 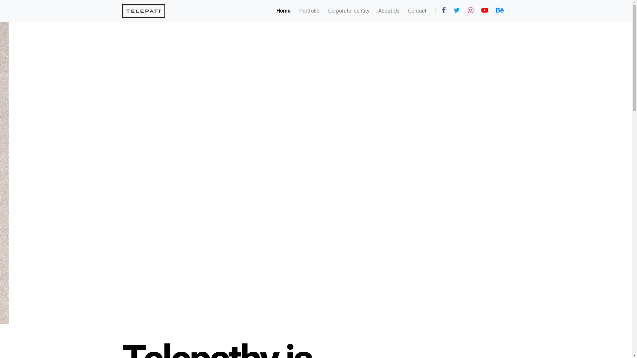 What do you see at coordinates (389, 11) in the screenshot?
I see `'About Us'` at bounding box center [389, 11].